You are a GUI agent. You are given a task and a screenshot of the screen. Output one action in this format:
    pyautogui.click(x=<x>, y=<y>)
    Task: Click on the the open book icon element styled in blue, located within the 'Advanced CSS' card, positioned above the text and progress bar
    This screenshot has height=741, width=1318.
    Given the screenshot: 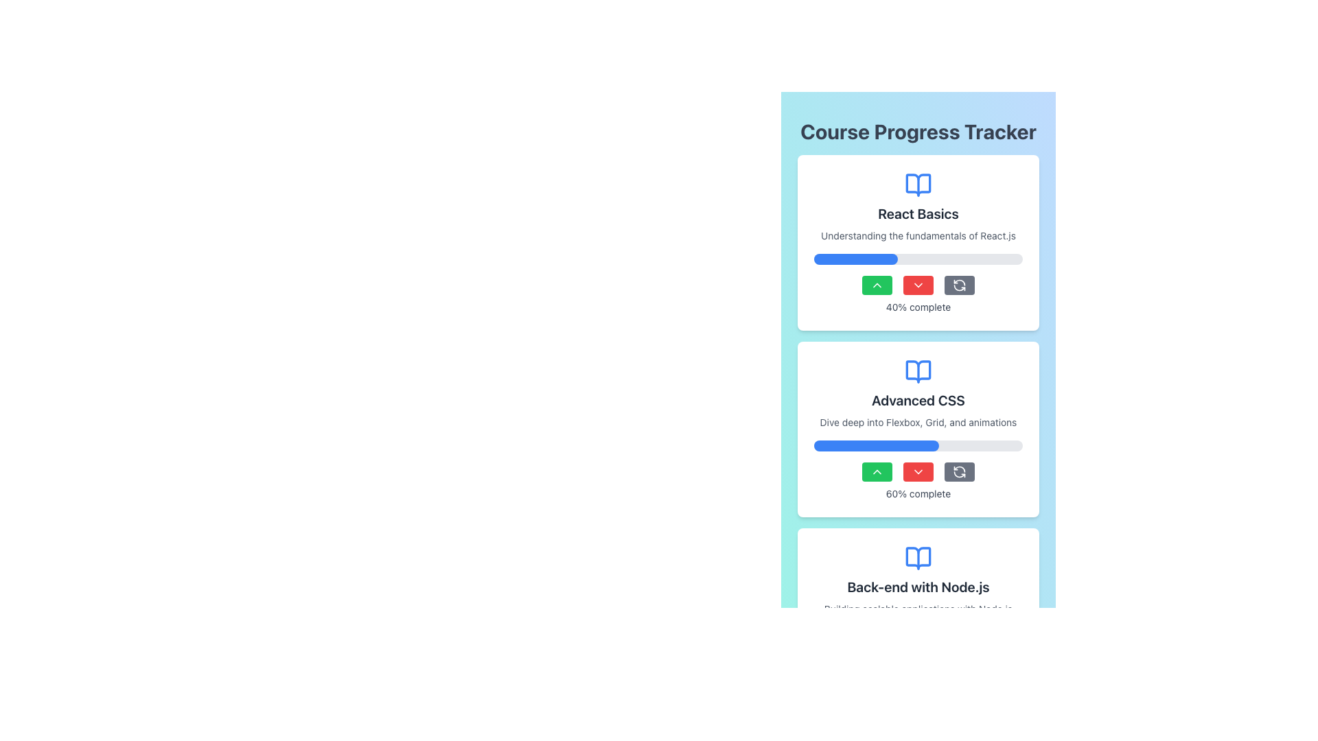 What is the action you would take?
    pyautogui.click(x=918, y=372)
    